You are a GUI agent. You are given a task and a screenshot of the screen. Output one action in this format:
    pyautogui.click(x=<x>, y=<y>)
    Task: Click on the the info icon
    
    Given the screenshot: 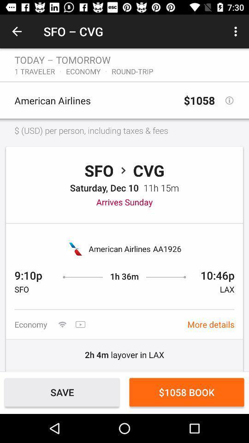 What is the action you would take?
    pyautogui.click(x=229, y=100)
    